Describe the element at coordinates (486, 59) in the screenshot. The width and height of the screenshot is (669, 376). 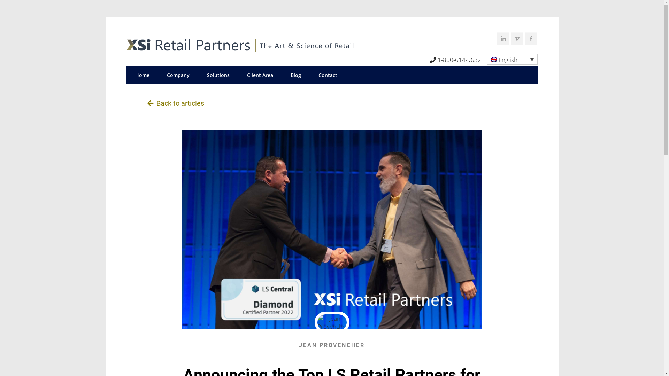
I see `'English'` at that location.